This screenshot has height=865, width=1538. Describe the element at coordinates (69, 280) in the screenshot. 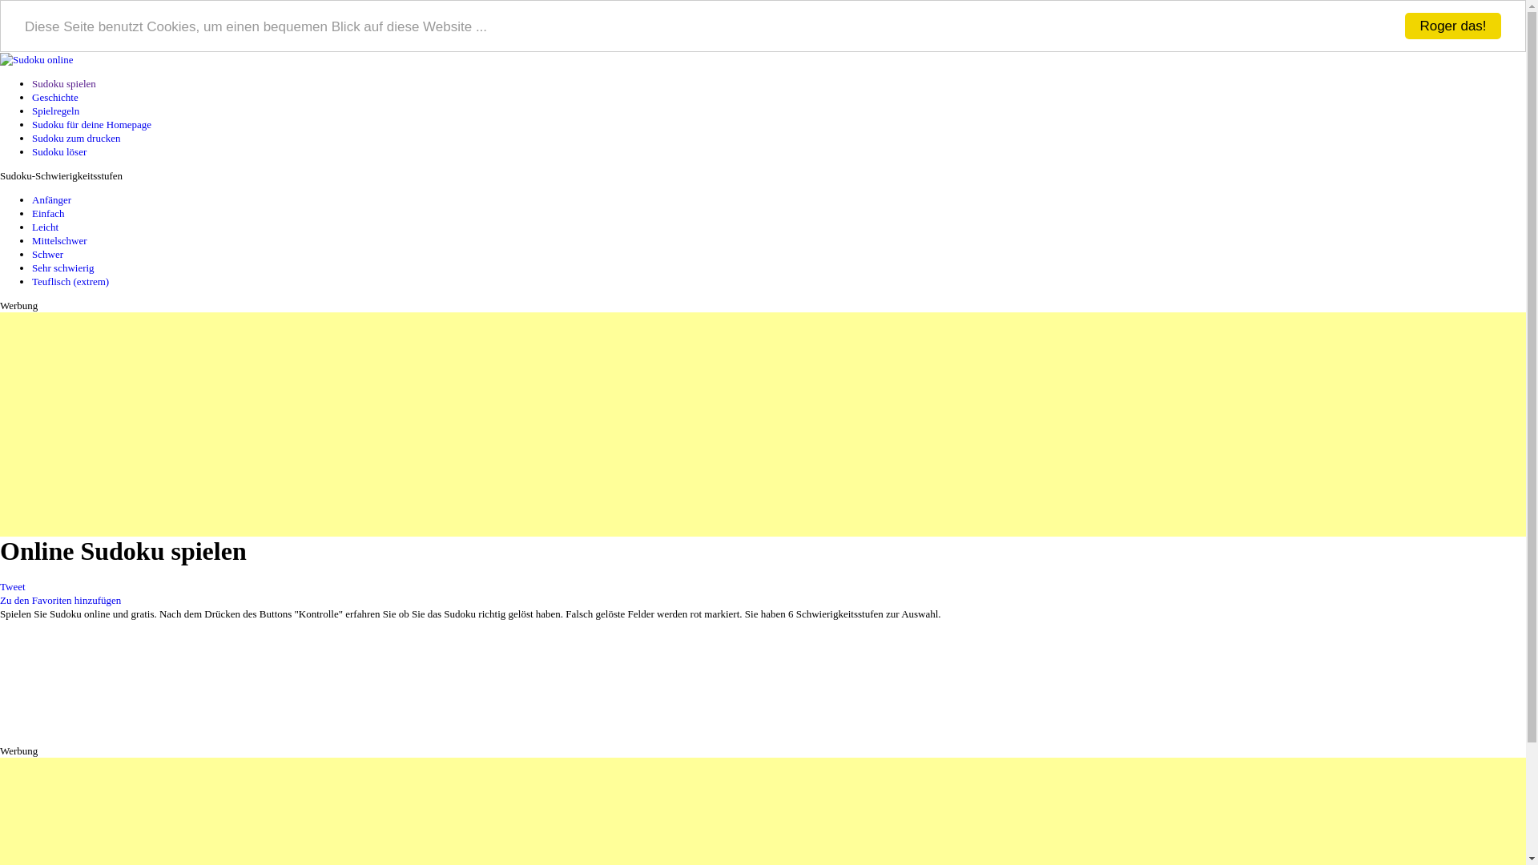

I see `'Teuflisch (extrem)'` at that location.